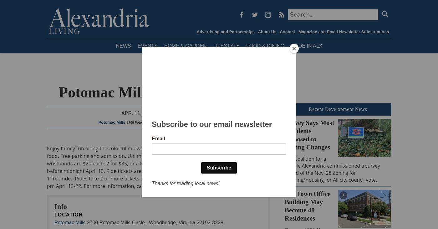 This screenshot has height=229, width=438. I want to click on 'The Coalition for a Livable Alexandria commissioned a survey ahead of the Nov. 28 Zoning for Housing/Housing for All city council vote.', so click(332, 169).